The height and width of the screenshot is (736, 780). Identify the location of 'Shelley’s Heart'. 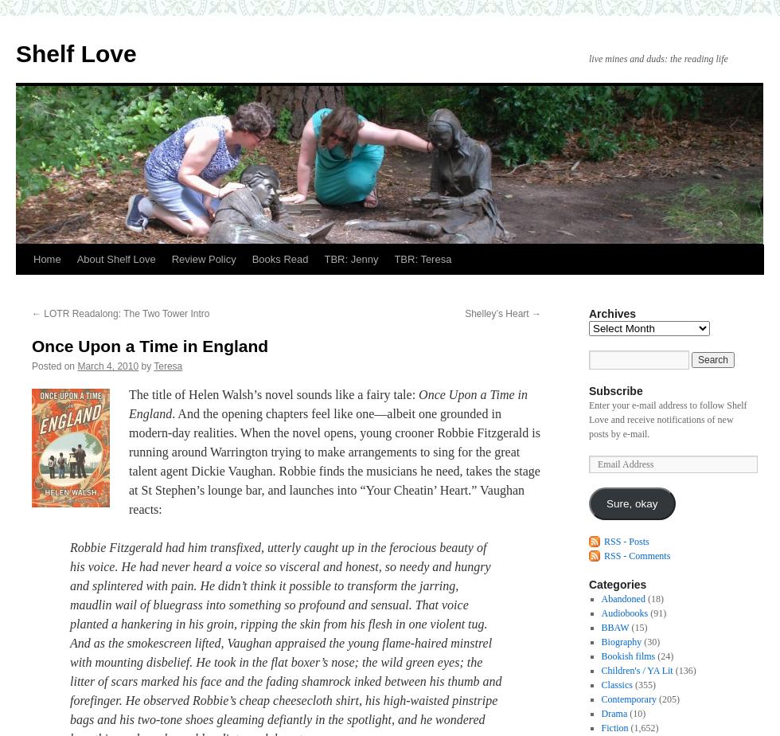
(498, 313).